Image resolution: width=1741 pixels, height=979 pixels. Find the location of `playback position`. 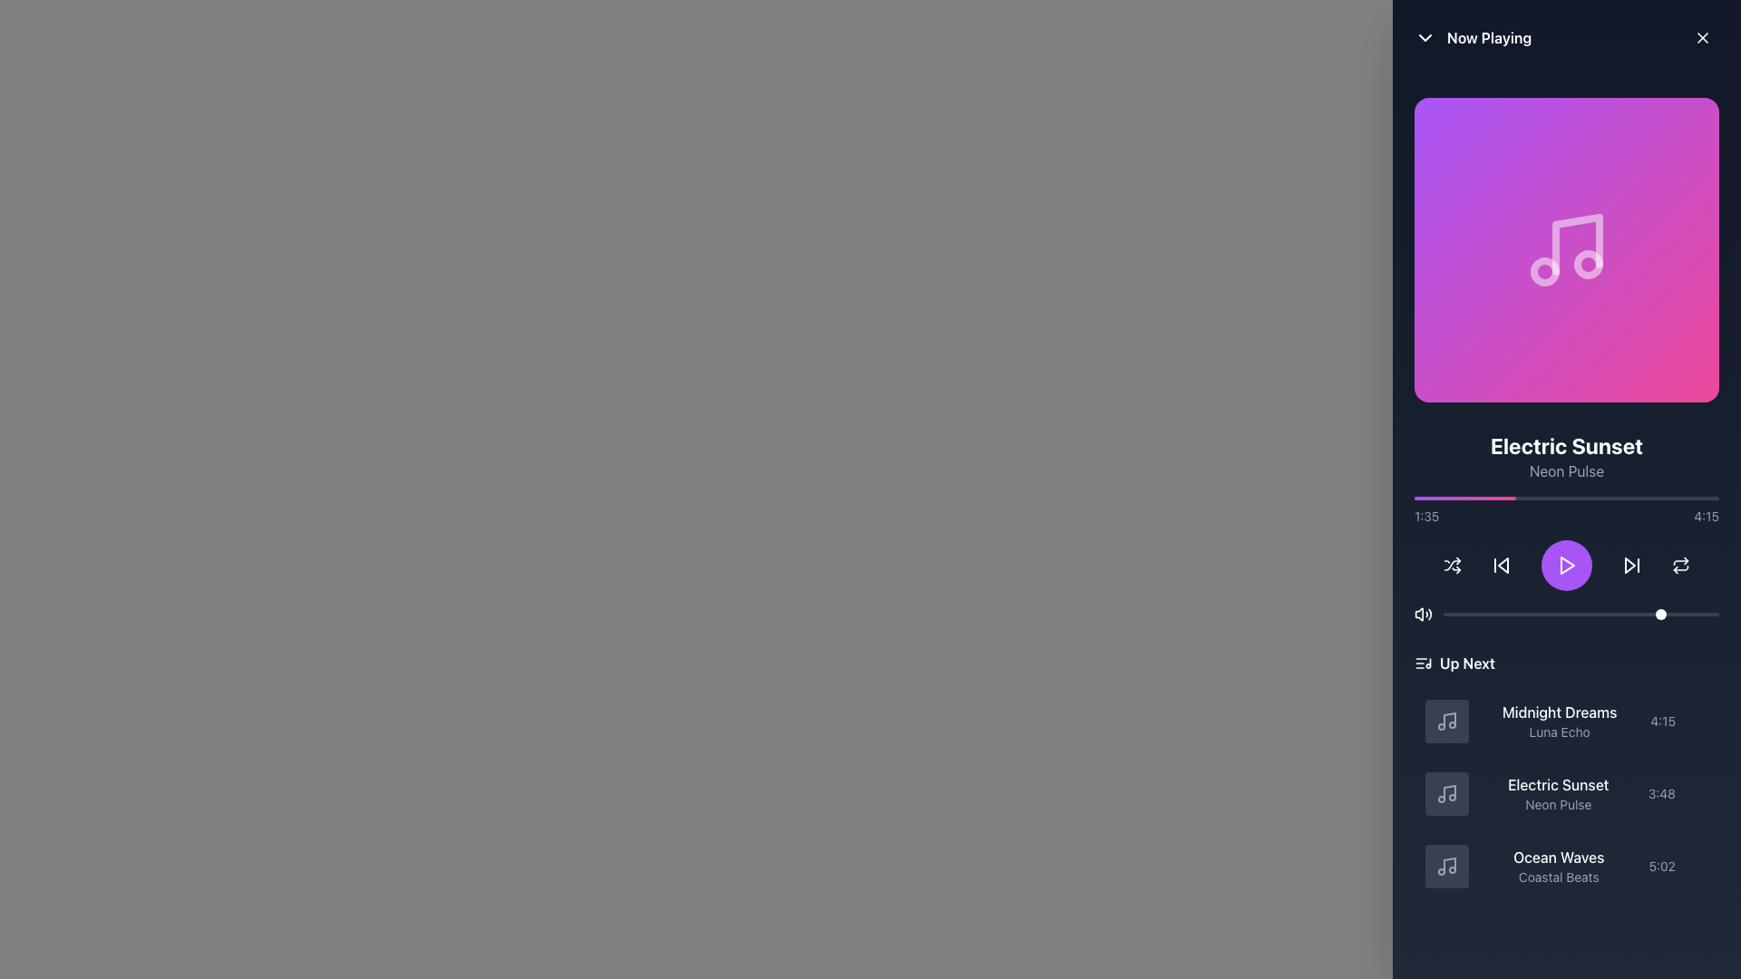

playback position is located at coordinates (1469, 499).